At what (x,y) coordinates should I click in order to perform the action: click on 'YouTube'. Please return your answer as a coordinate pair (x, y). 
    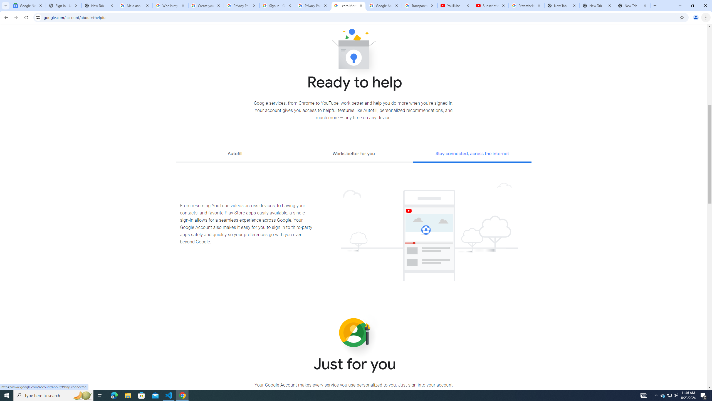
    Looking at the image, I should click on (455, 5).